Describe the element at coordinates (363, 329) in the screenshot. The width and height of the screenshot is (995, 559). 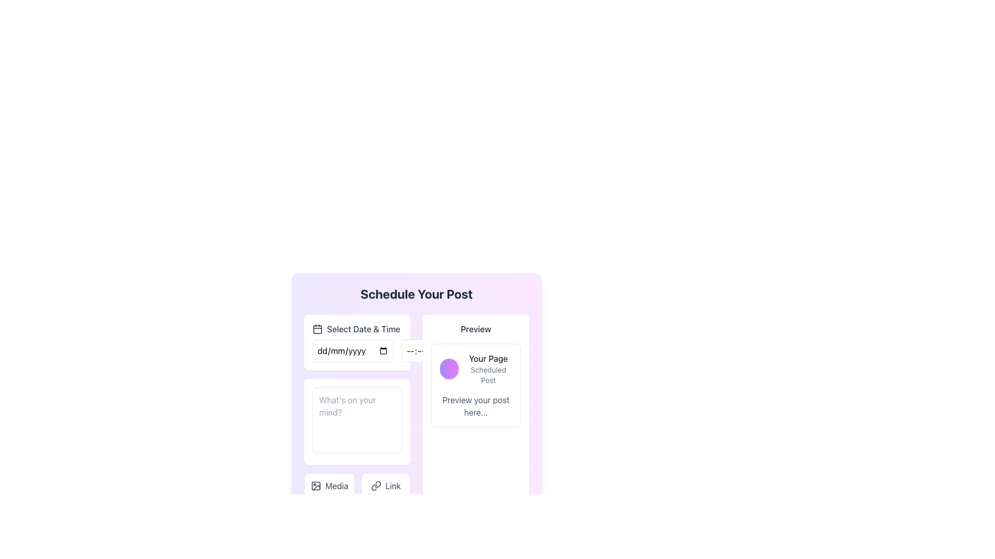
I see `the 'Select Date & Time' label, which indicates the purpose of the adjacent input field for selecting date and time values, located in the 'Schedule Your Post' section` at that location.